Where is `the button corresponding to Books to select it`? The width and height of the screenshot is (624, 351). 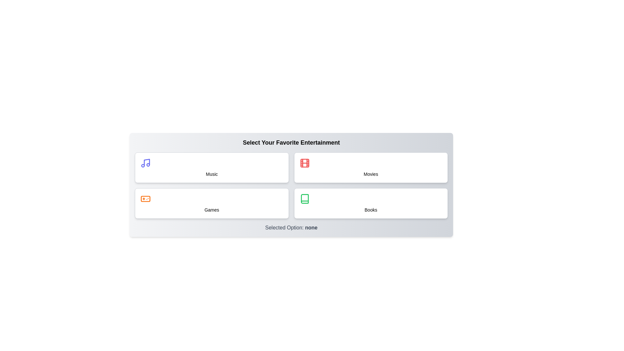
the button corresponding to Books to select it is located at coordinates (371, 203).